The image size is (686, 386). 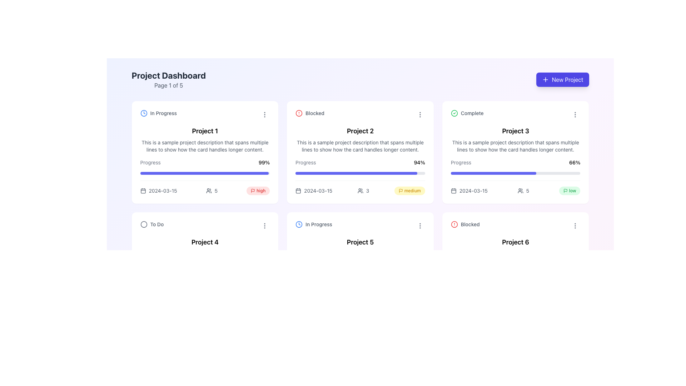 I want to click on the interactive button located in the top-right corner of the 'Project 5' card, so click(x=420, y=226).